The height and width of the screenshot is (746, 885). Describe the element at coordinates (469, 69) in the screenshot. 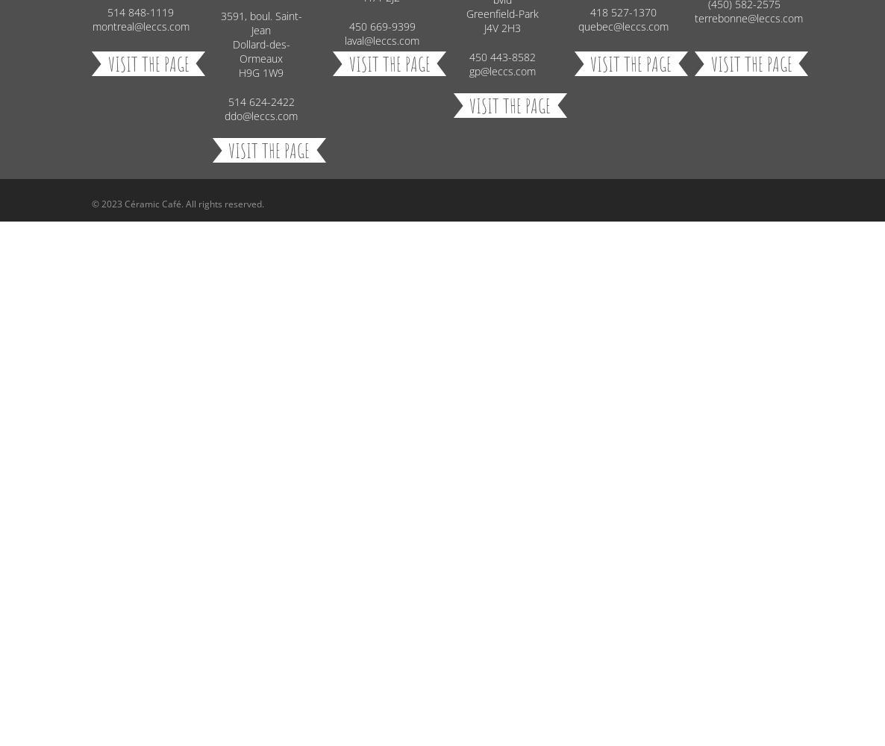

I see `'gp@leccs.com'` at that location.